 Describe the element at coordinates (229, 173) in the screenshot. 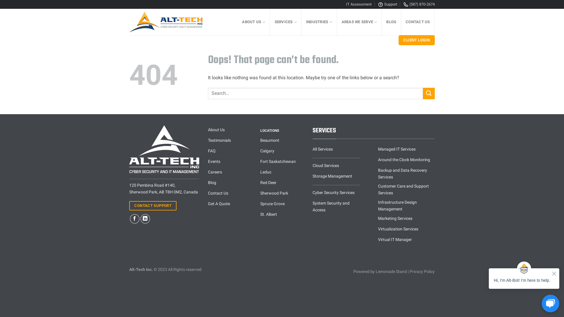

I see `'Careers'` at that location.